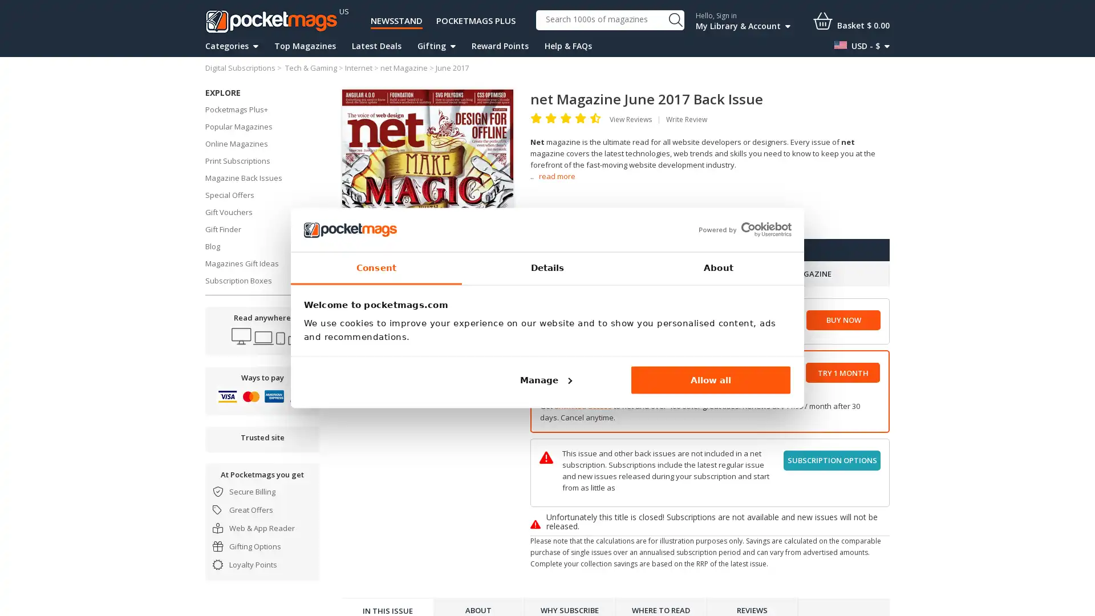  What do you see at coordinates (710, 380) in the screenshot?
I see `Allow all` at bounding box center [710, 380].